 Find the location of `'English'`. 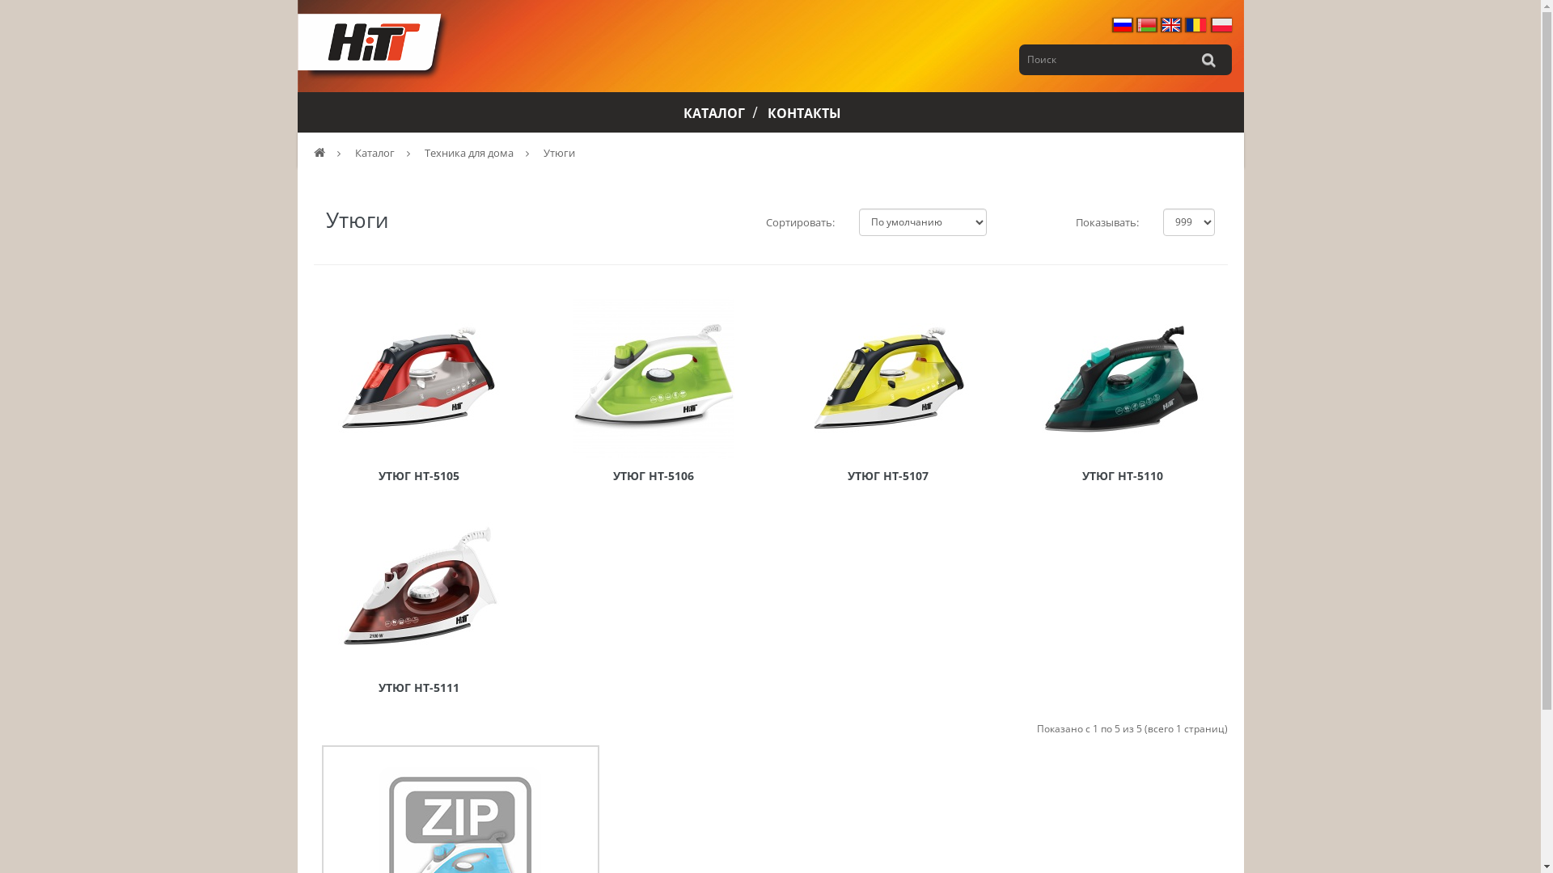

'English' is located at coordinates (1160, 24).